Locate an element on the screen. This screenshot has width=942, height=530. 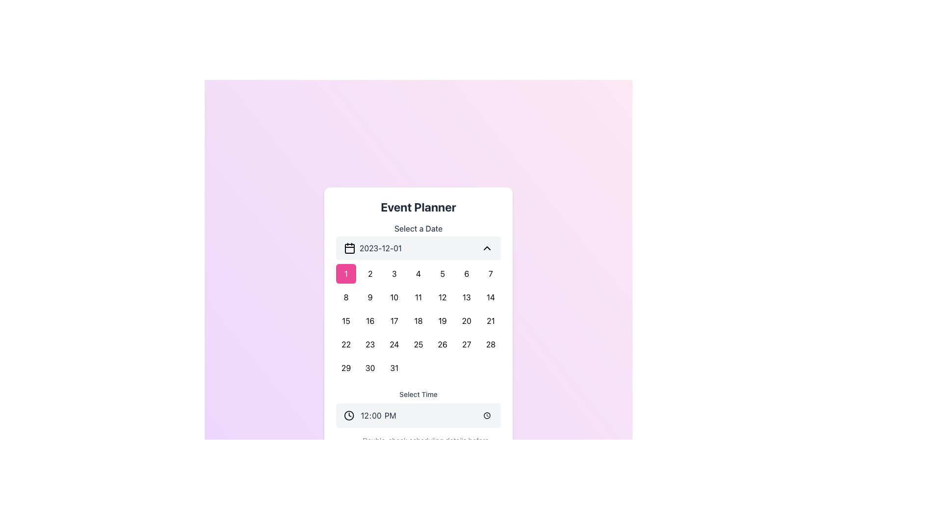
the button in the last row, first cell of the calendar grid is located at coordinates (346, 368).